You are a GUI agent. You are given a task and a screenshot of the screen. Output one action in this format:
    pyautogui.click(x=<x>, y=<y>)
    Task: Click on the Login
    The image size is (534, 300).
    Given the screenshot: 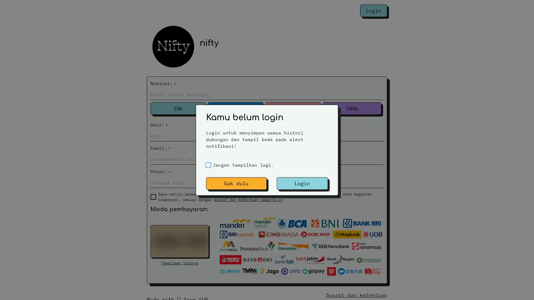 What is the action you would take?
    pyautogui.click(x=302, y=183)
    